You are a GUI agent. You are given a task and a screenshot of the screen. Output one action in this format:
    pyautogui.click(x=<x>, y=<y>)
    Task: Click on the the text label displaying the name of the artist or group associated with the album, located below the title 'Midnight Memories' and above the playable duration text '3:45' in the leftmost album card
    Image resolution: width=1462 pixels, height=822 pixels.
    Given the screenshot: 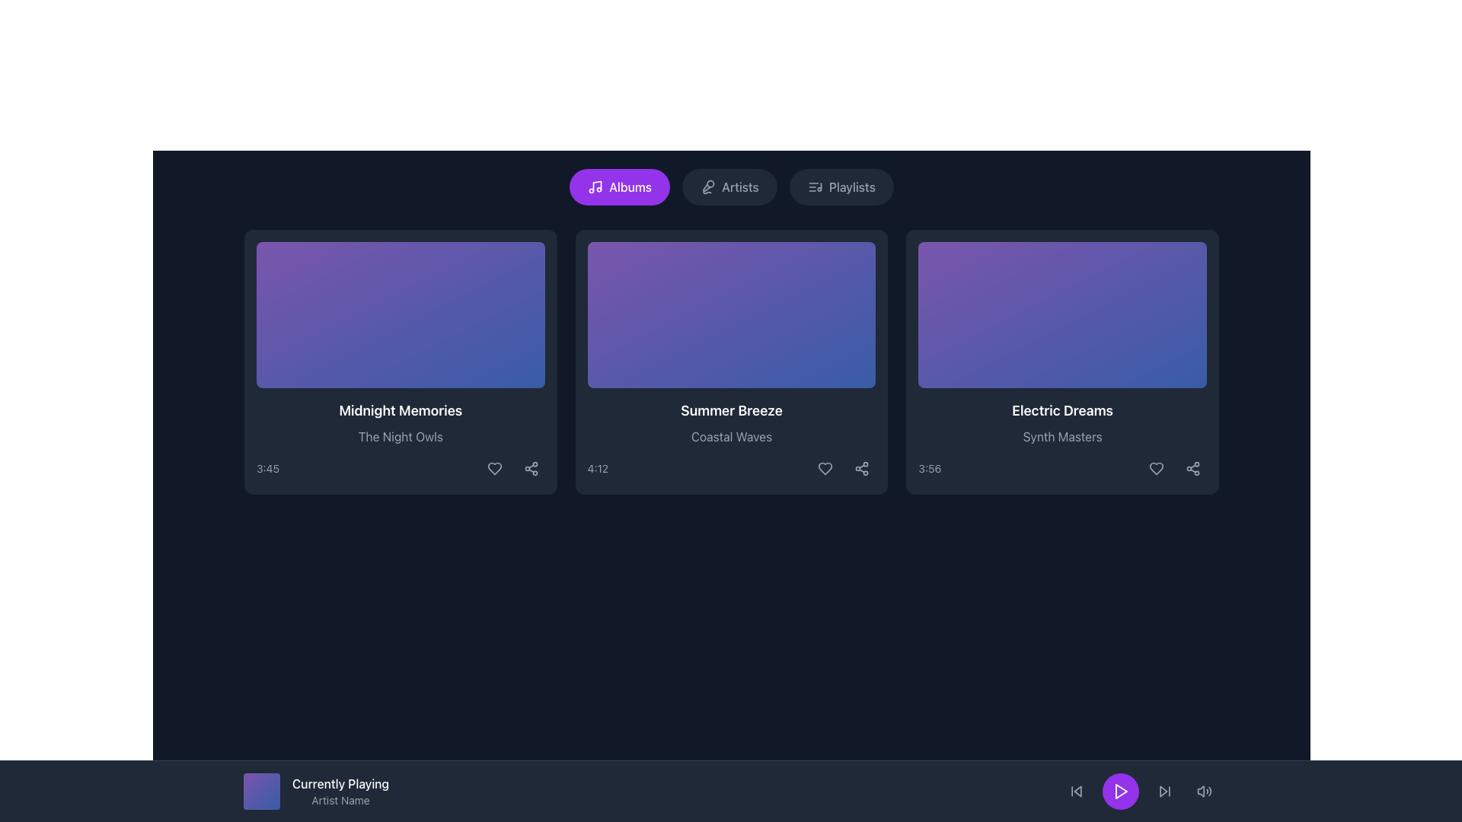 What is the action you would take?
    pyautogui.click(x=401, y=437)
    